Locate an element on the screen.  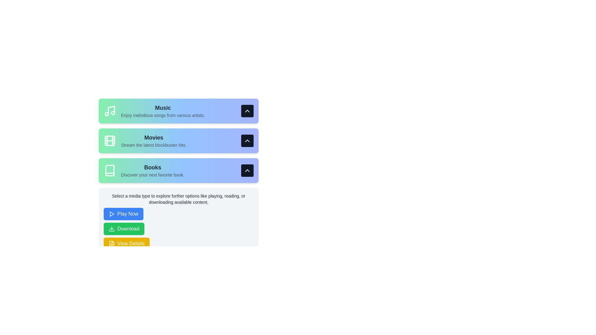
the square button with a dark background and a white upward arrow icon in the center, located at the top-right corner of the 'Books' section is located at coordinates (247, 171).